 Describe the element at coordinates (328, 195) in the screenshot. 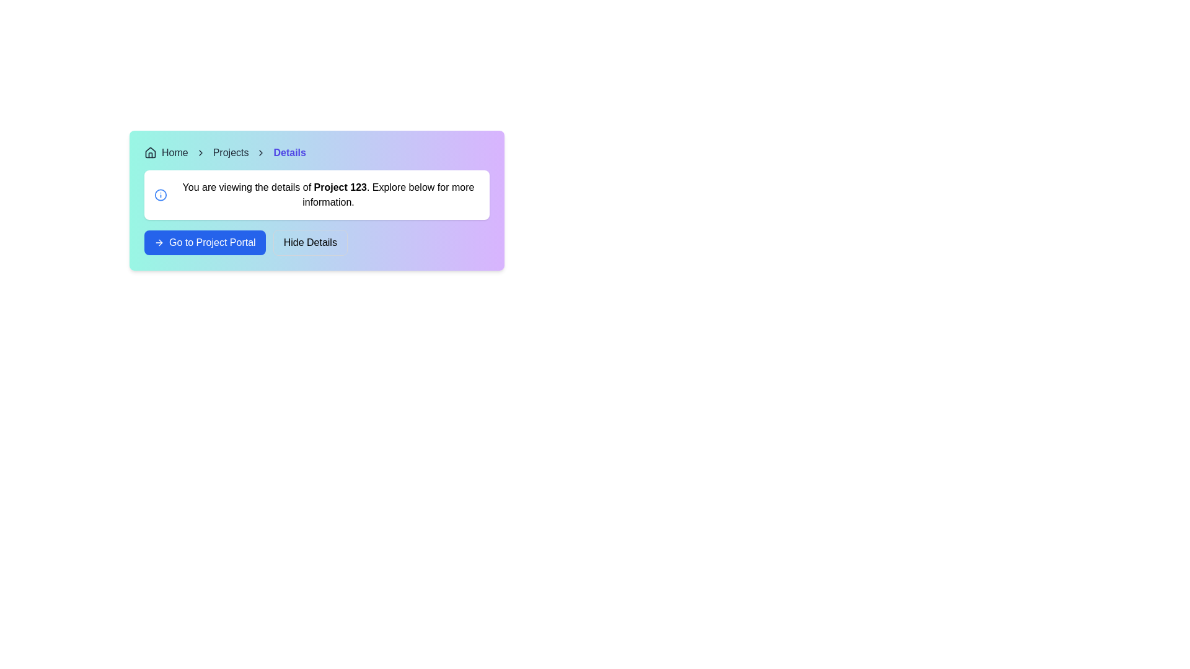

I see `text block containing the message 'You are viewing the details of Project 123. Explore below for more information.' which is centrally located inside a white box below the breadcrumb navigation bar and above the blue button labeled 'Go to Project Portal'` at that location.